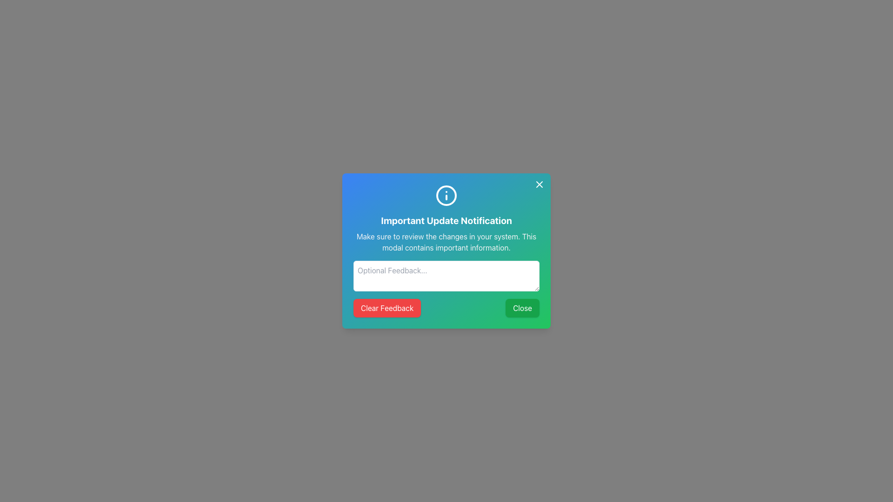  I want to click on the clear/reset button located at the bottom-left of the modal to clear any text inputted in the feedback field, so click(387, 308).